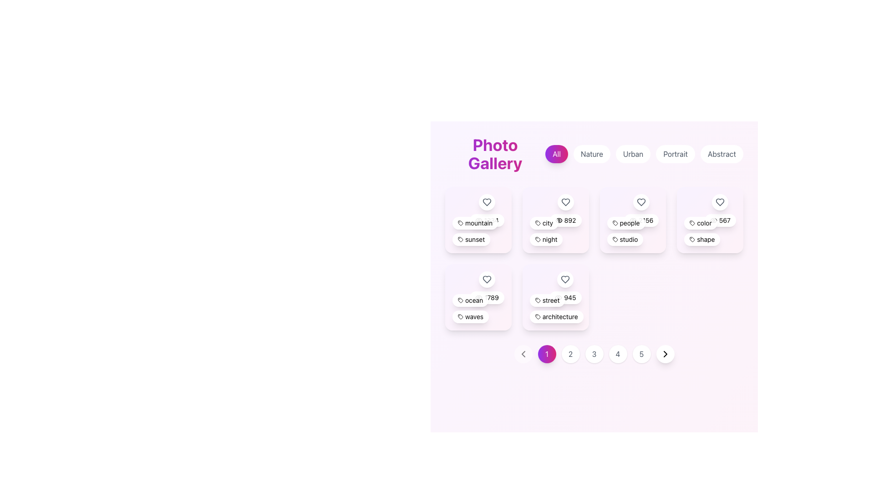 This screenshot has height=491, width=874. I want to click on the heart icon button located in the top-left card of the grid, which represents the 'mountain' category, so click(486, 201).